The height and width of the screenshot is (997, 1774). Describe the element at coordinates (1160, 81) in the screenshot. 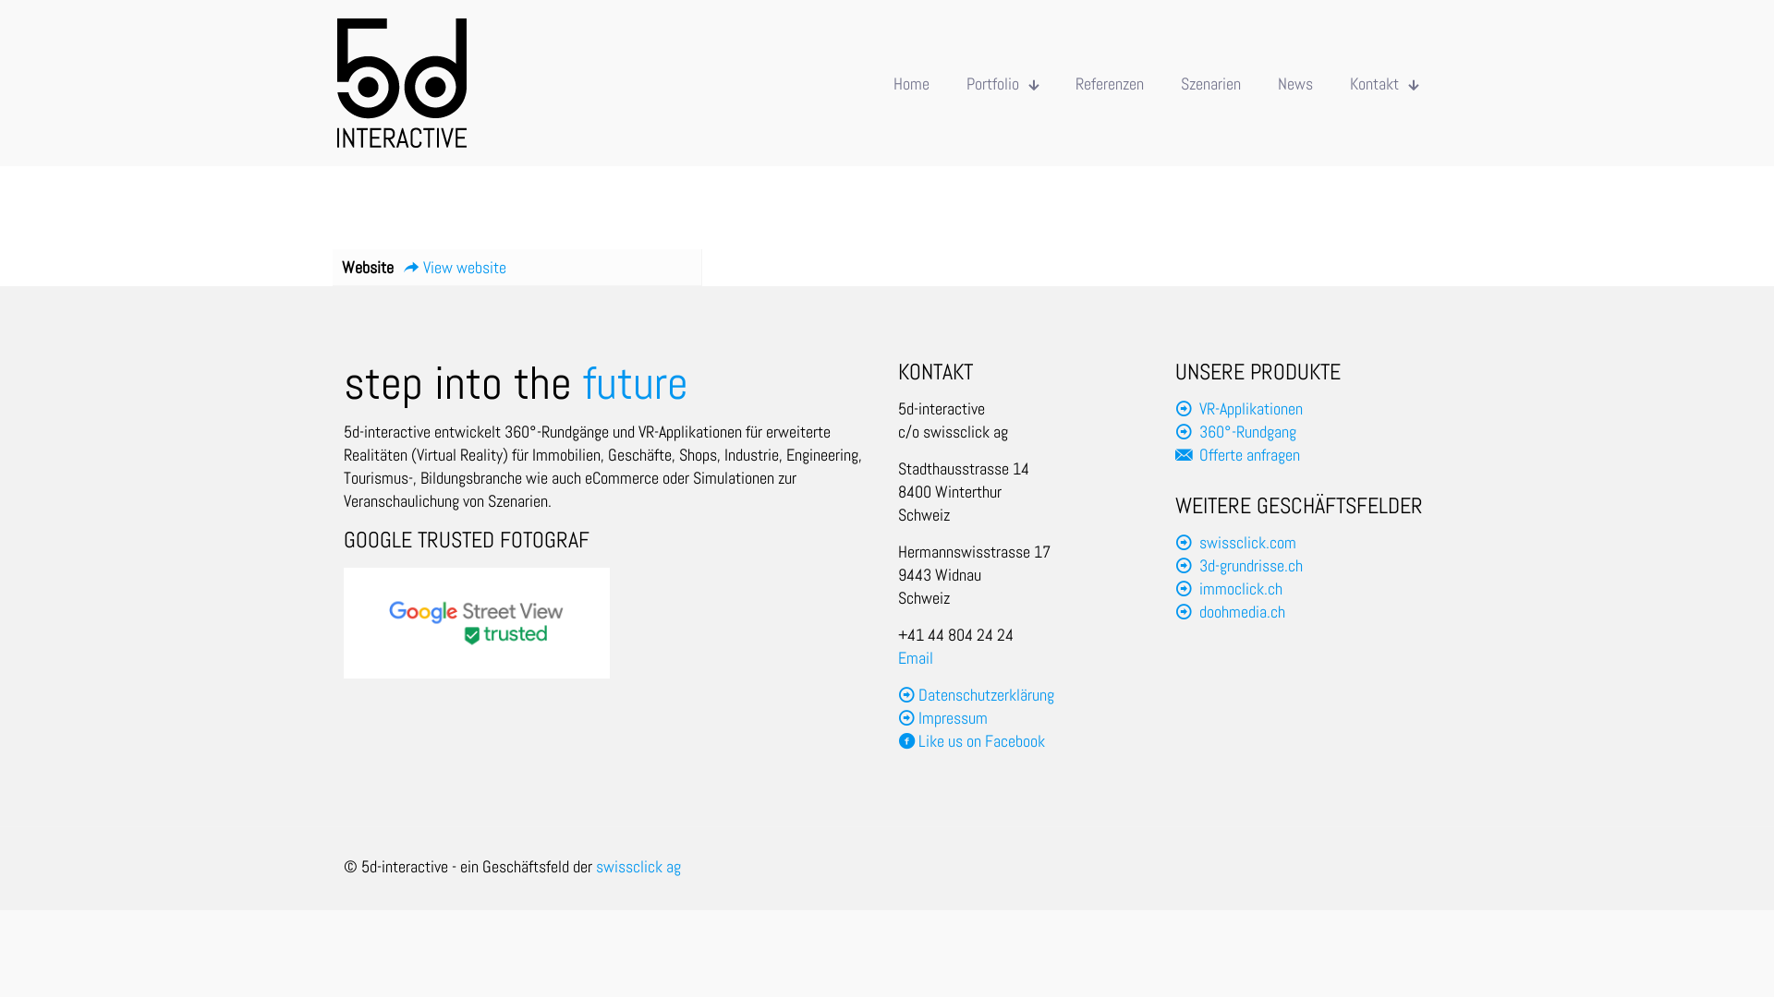

I see `'Szenarien'` at that location.